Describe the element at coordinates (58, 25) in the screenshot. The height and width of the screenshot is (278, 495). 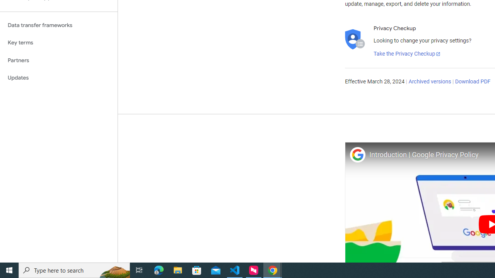
I see `'Data transfer frameworks'` at that location.